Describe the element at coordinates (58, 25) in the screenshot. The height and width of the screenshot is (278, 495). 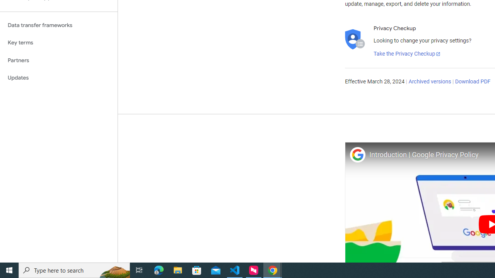
I see `'Data transfer frameworks'` at that location.